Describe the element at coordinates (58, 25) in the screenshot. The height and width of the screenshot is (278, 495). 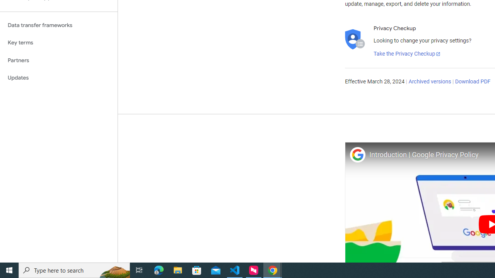
I see `'Data transfer frameworks'` at that location.